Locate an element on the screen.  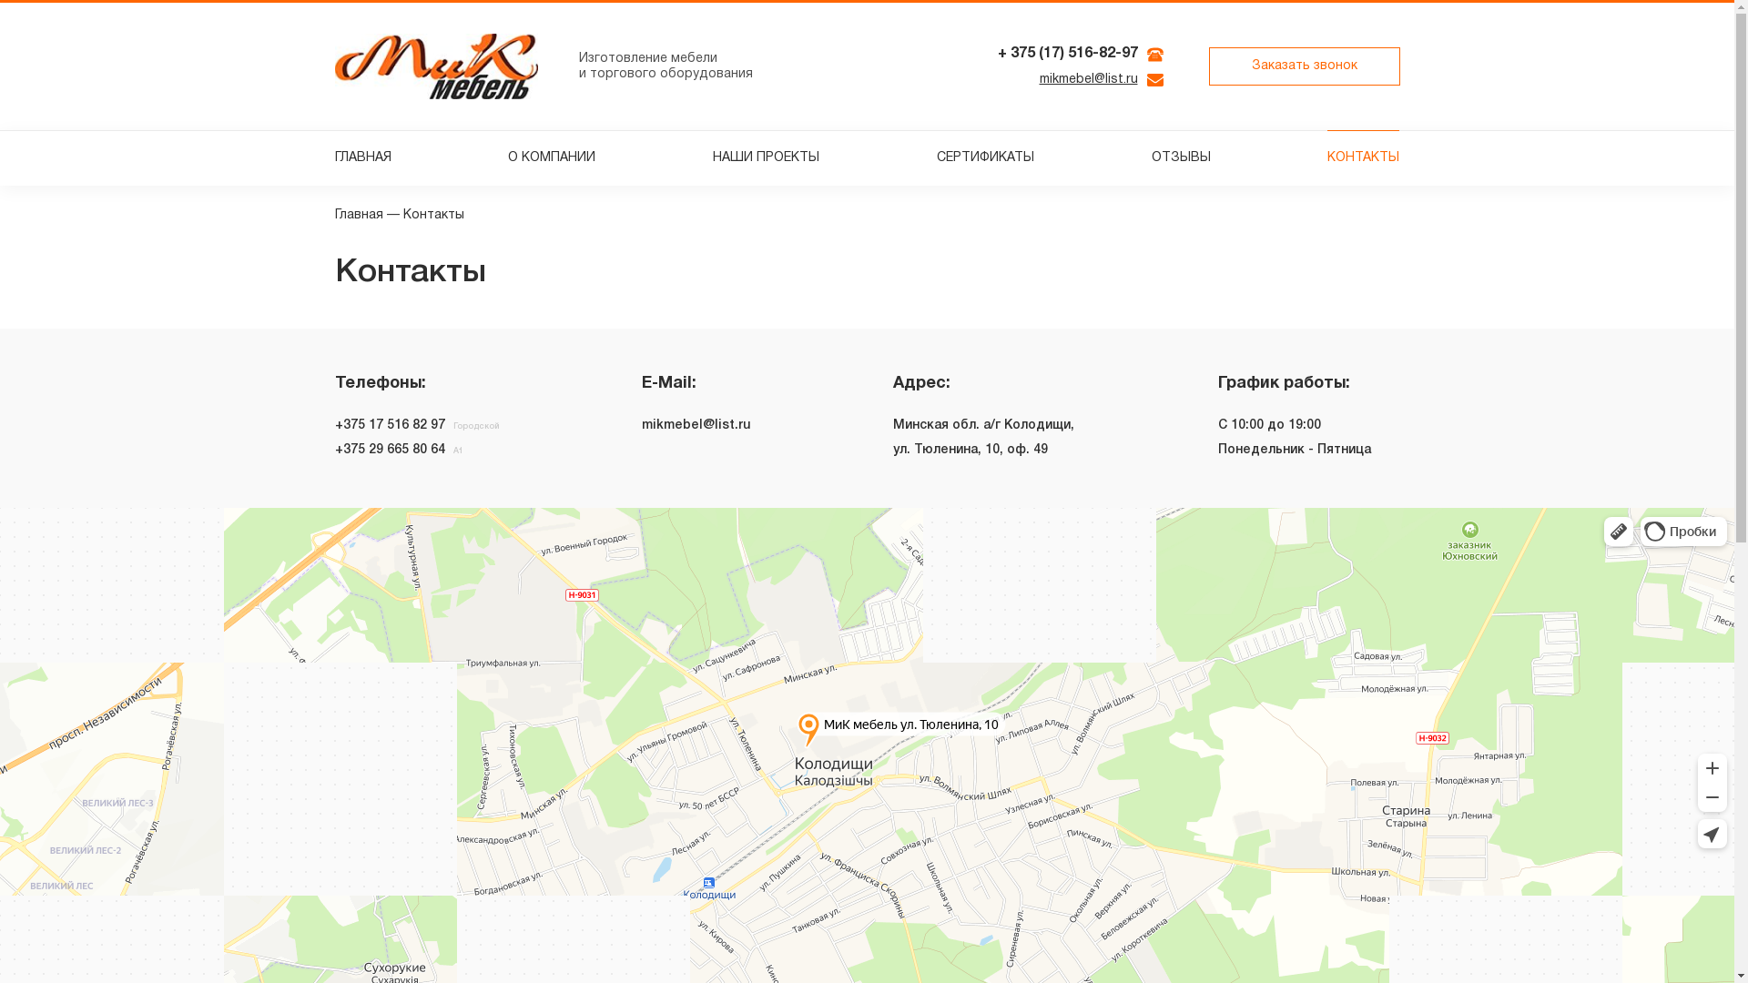
'mikmebel@list.ru' is located at coordinates (1088, 78).